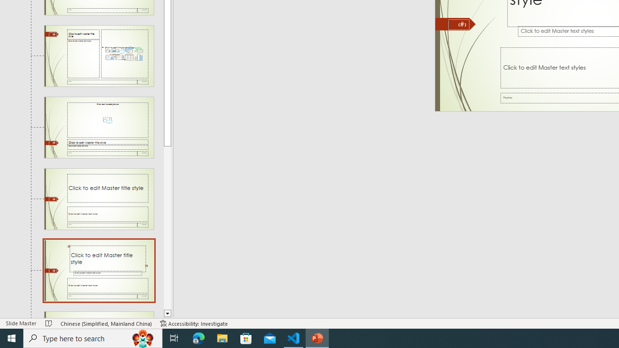  Describe the element at coordinates (99, 56) in the screenshot. I see `'Slide Content with Caption Layout: used by no slides'` at that location.